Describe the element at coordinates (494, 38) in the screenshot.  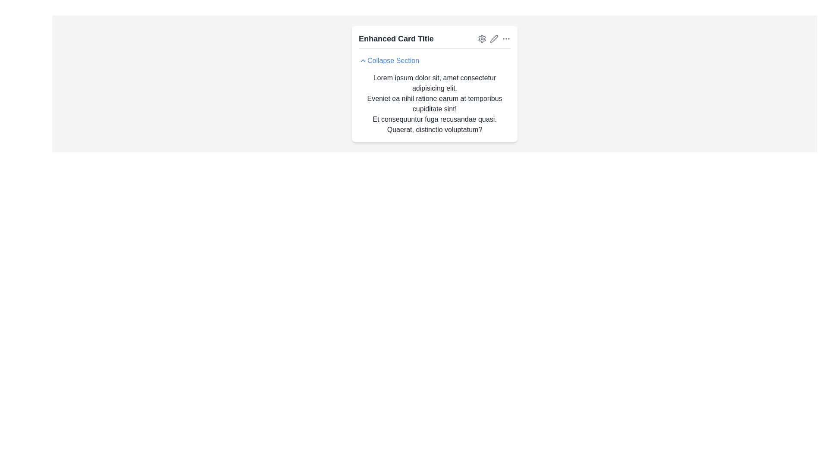
I see `the gray pen icon located in the middle of the top-right icon group on the card` at that location.